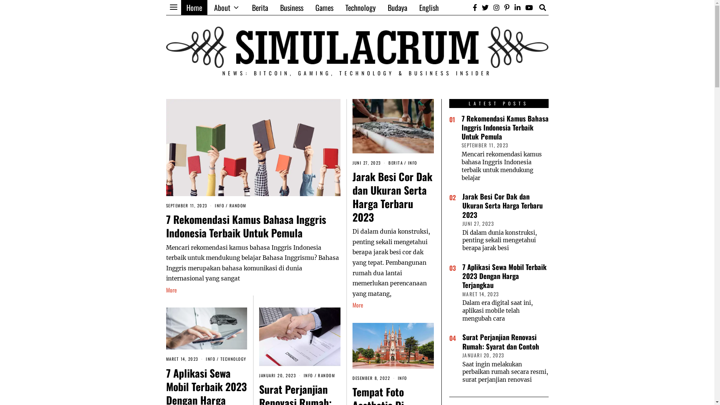 The height and width of the screenshot is (405, 720). I want to click on 'INFO', so click(308, 375).